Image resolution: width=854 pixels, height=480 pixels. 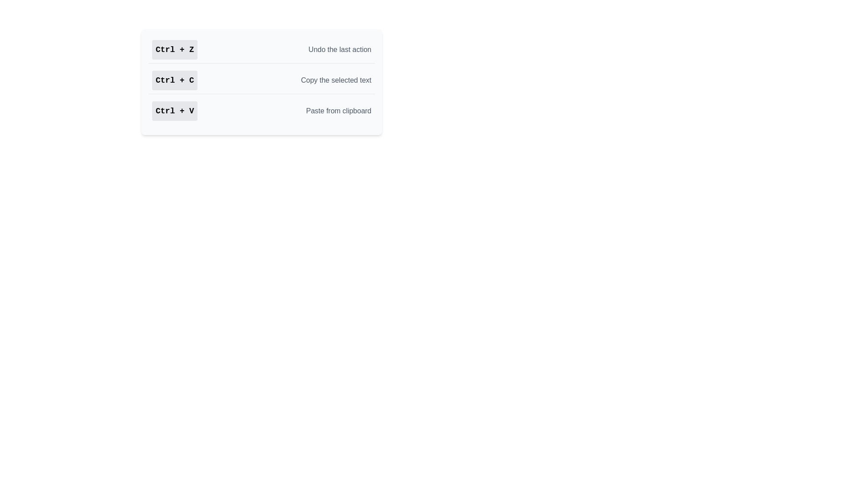 I want to click on the first row of shortcut descriptions, which displays the keybinding 'Ctrl + Z' on the left and the description 'Undo the last action' on the right, so click(x=261, y=50).